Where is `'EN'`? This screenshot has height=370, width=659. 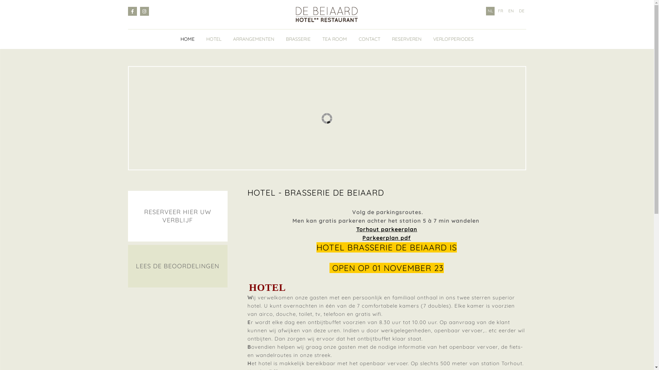
'EN' is located at coordinates (511, 11).